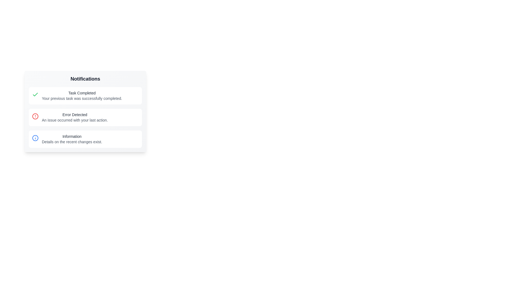  I want to click on notifications from the Notification group located below the 'Notifications' header, which contains multiple status notifications with icons and details, so click(85, 117).